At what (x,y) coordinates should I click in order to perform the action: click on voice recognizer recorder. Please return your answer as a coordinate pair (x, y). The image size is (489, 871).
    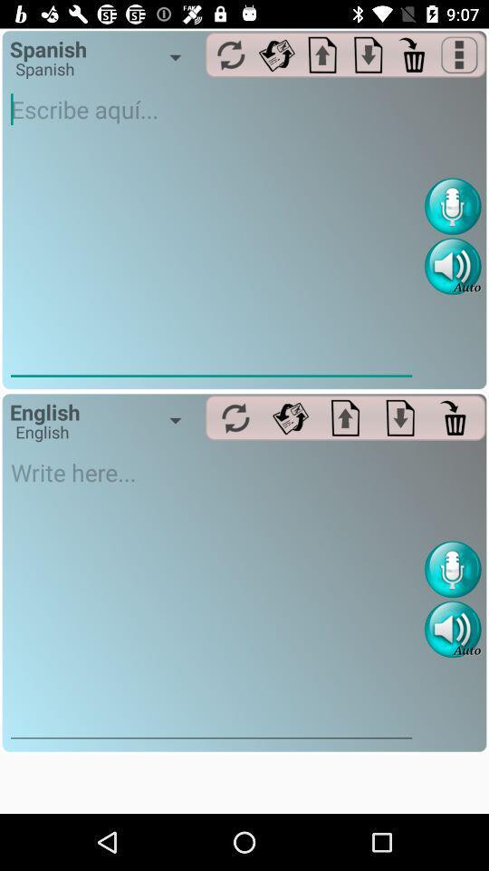
    Looking at the image, I should click on (452, 568).